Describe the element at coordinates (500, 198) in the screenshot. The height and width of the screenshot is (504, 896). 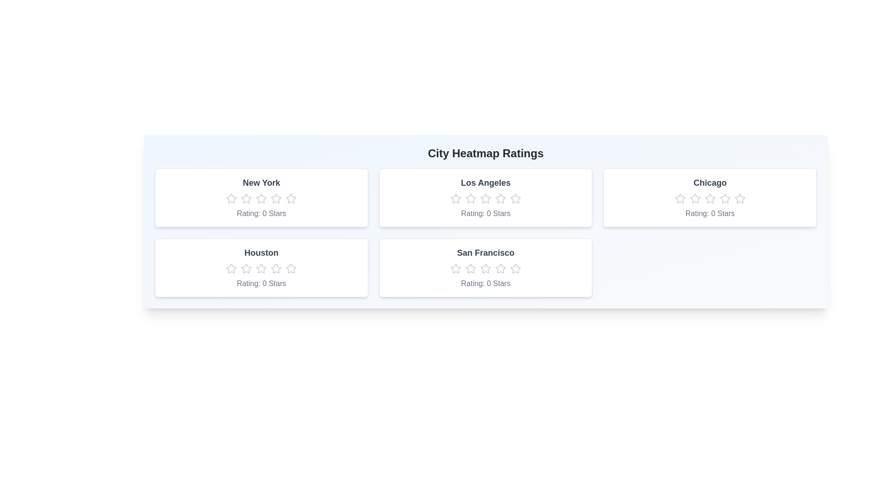
I see `the Los Angeles rating star number 4` at that location.